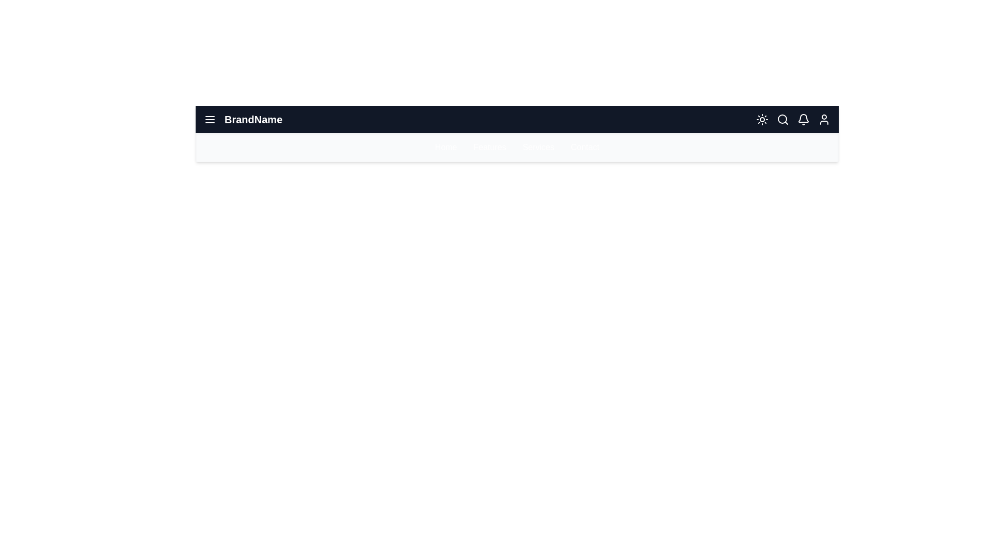 The width and height of the screenshot is (991, 557). What do you see at coordinates (210, 119) in the screenshot?
I see `menu button to toggle the menu visibility` at bounding box center [210, 119].